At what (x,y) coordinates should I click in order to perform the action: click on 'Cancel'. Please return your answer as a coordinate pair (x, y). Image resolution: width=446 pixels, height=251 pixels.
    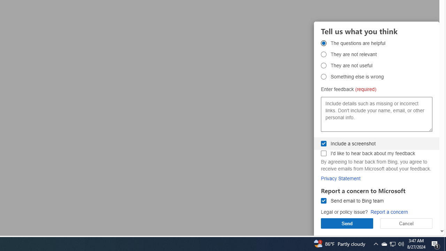
    Looking at the image, I should click on (406, 223).